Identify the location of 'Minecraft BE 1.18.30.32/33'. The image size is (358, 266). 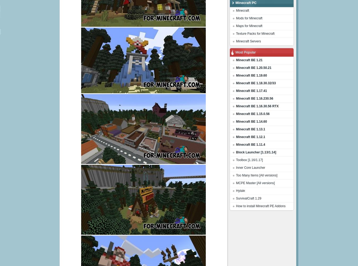
(236, 83).